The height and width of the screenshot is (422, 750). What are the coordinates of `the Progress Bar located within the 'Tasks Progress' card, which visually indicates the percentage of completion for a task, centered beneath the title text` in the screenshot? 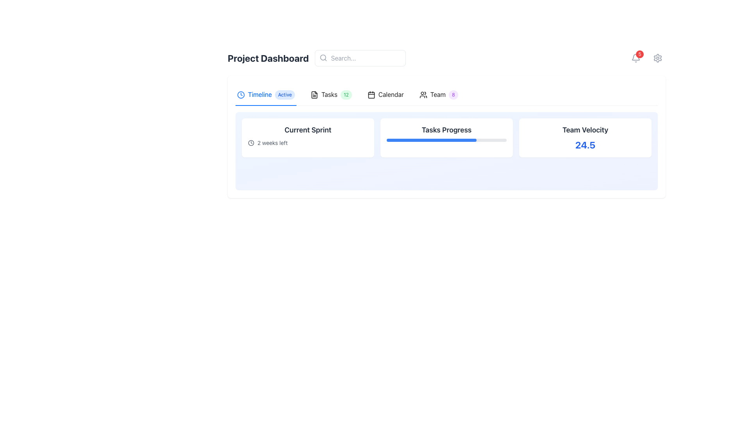 It's located at (446, 140).